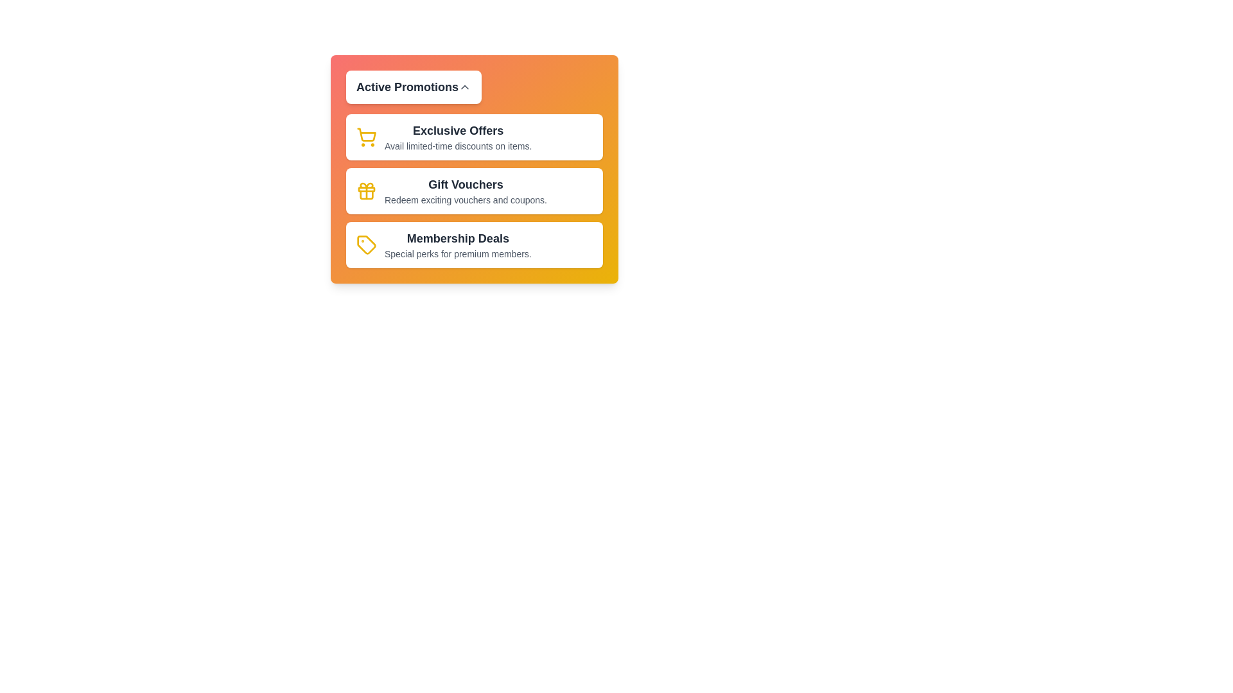 The image size is (1233, 693). Describe the element at coordinates (366, 244) in the screenshot. I see `the icon corresponding to Membership Deals to interact with it` at that location.